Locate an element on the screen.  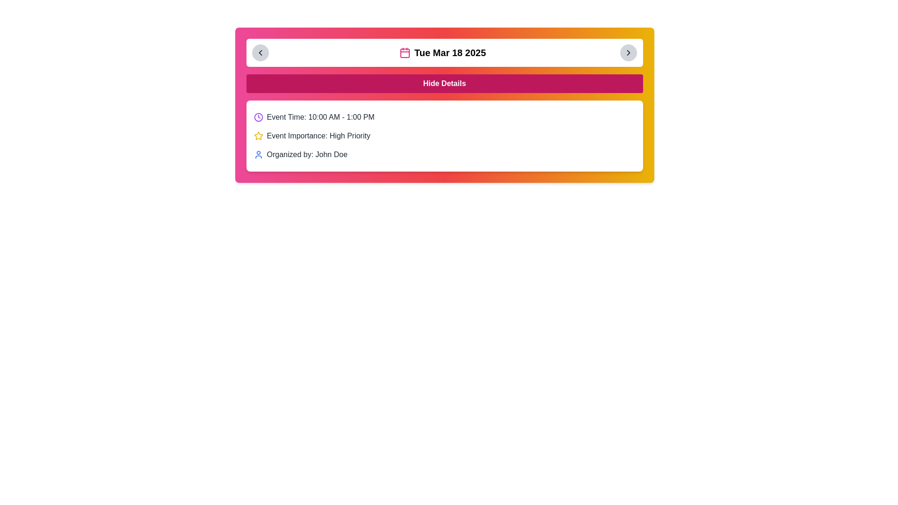
the high priority icon located to the left of the text label 'Event Importance: High Priority' is located at coordinates (258, 136).